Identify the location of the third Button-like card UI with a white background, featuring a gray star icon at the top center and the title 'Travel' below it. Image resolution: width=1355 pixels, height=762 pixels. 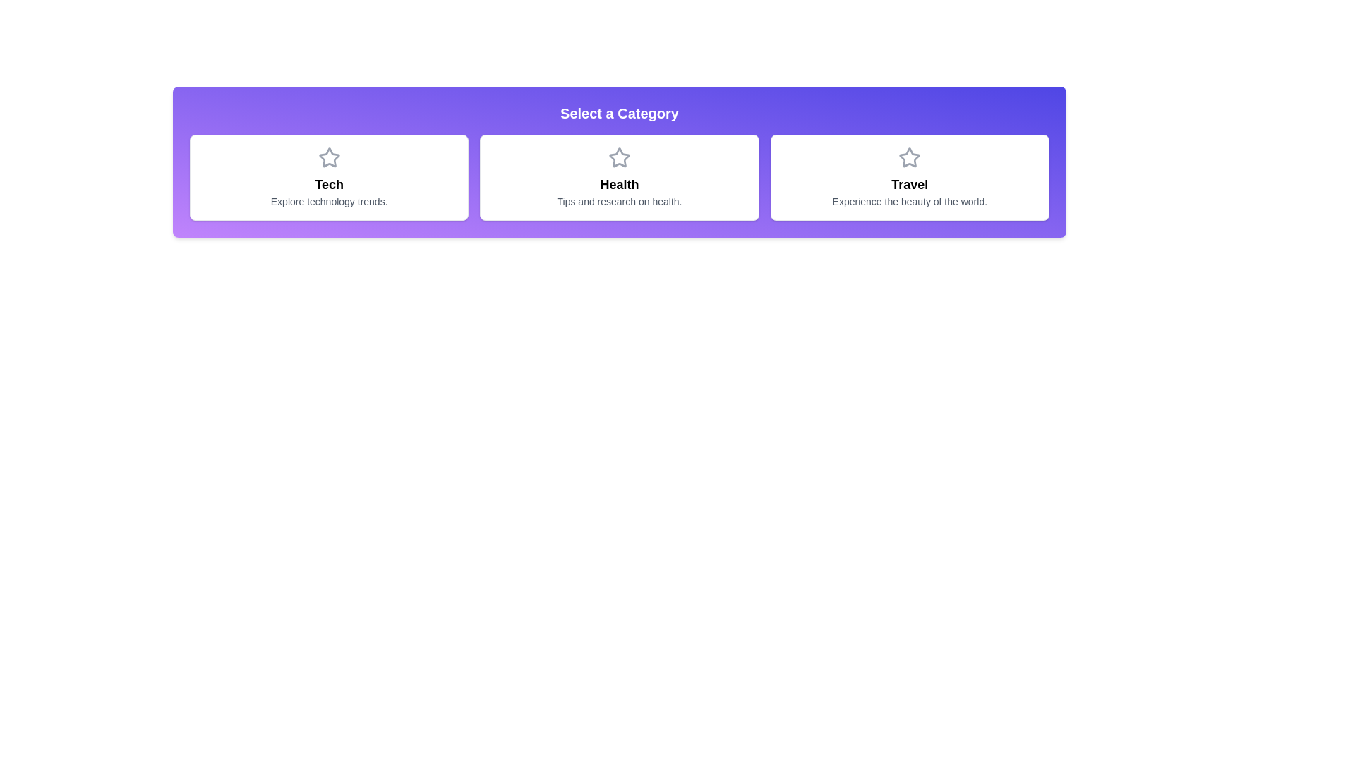
(910, 176).